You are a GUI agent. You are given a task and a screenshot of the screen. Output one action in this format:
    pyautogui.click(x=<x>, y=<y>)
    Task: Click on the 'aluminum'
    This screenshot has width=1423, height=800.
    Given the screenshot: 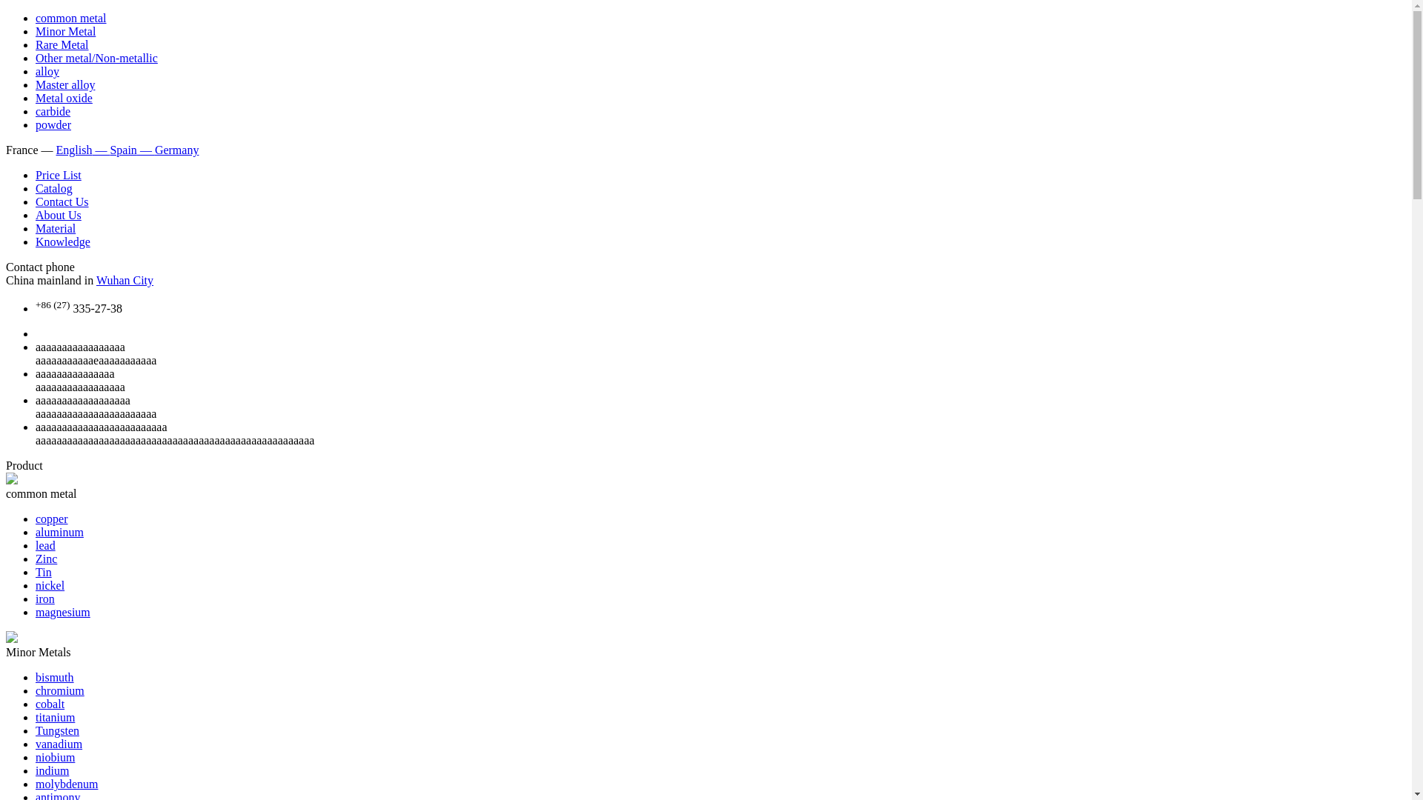 What is the action you would take?
    pyautogui.click(x=59, y=531)
    